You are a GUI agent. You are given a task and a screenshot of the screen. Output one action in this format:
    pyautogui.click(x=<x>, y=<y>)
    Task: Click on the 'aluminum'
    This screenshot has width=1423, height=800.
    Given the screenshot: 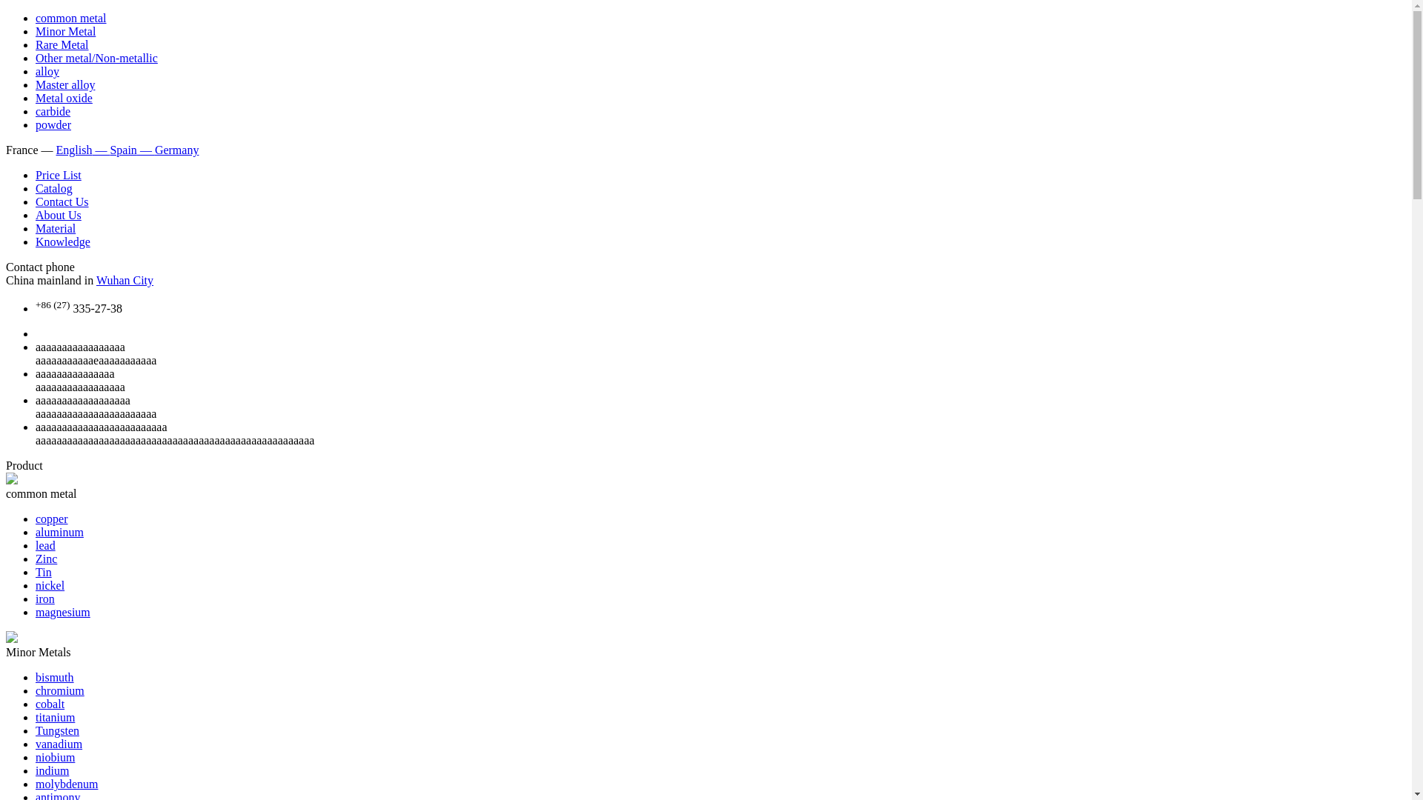 What is the action you would take?
    pyautogui.click(x=59, y=531)
    